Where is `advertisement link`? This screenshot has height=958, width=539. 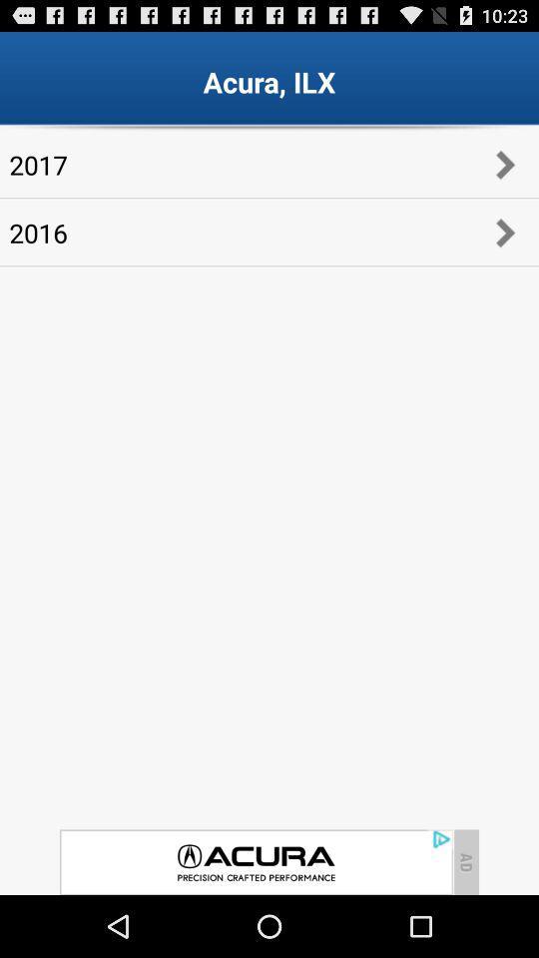 advertisement link is located at coordinates (256, 861).